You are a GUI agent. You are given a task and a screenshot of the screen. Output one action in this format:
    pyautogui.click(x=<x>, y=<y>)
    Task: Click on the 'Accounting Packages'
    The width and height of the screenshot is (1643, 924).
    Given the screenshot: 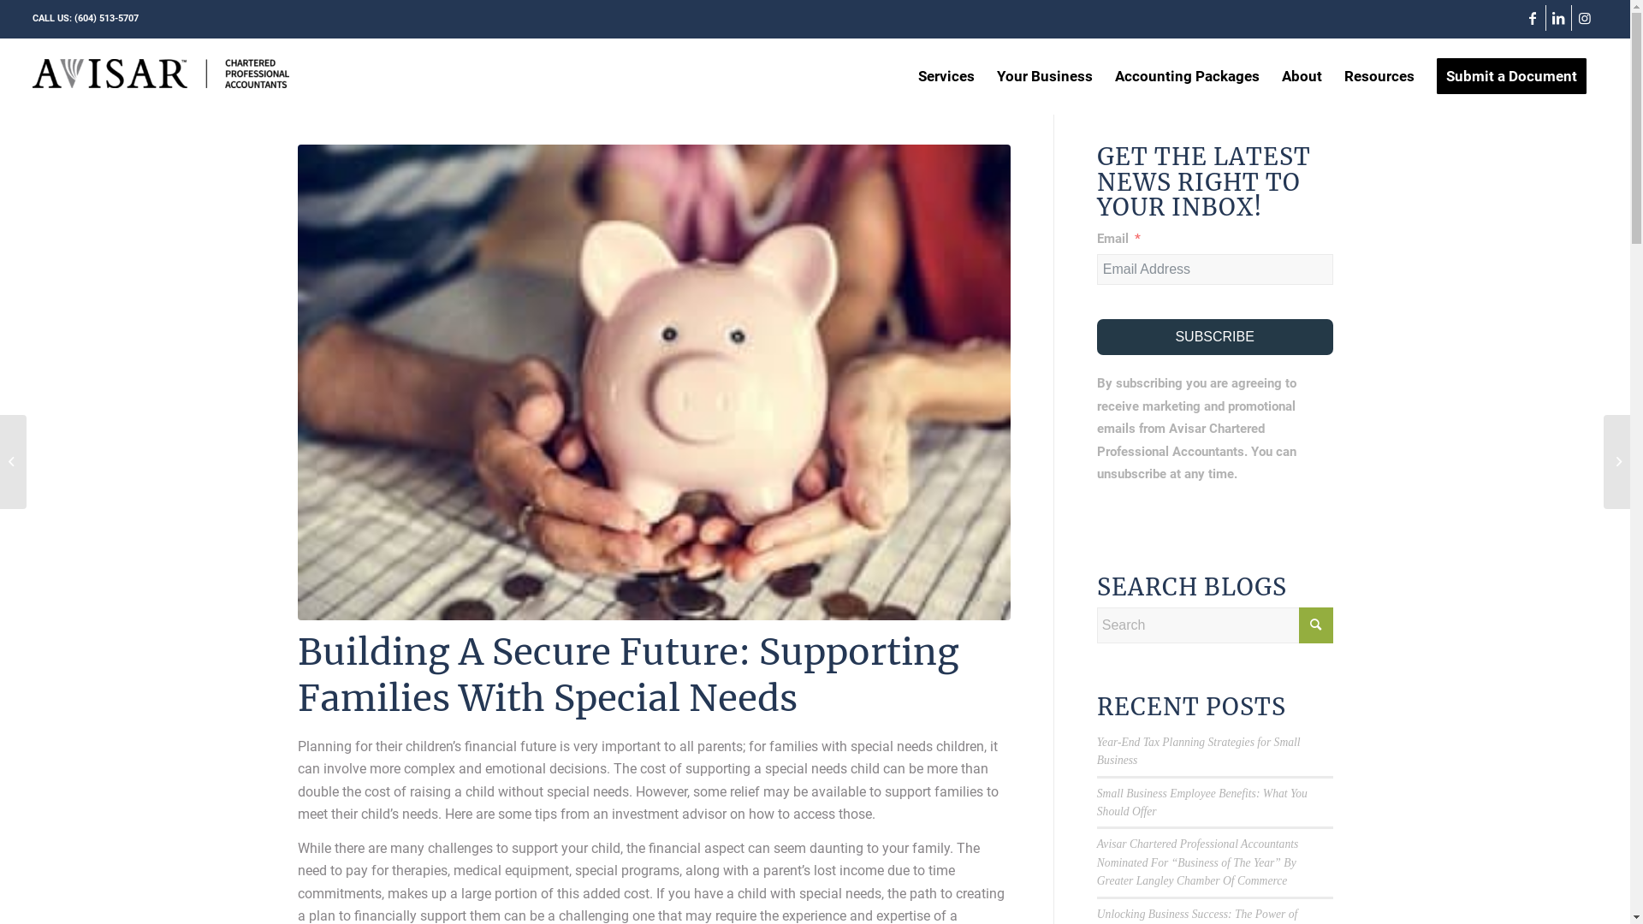 What is the action you would take?
    pyautogui.click(x=1186, y=74)
    